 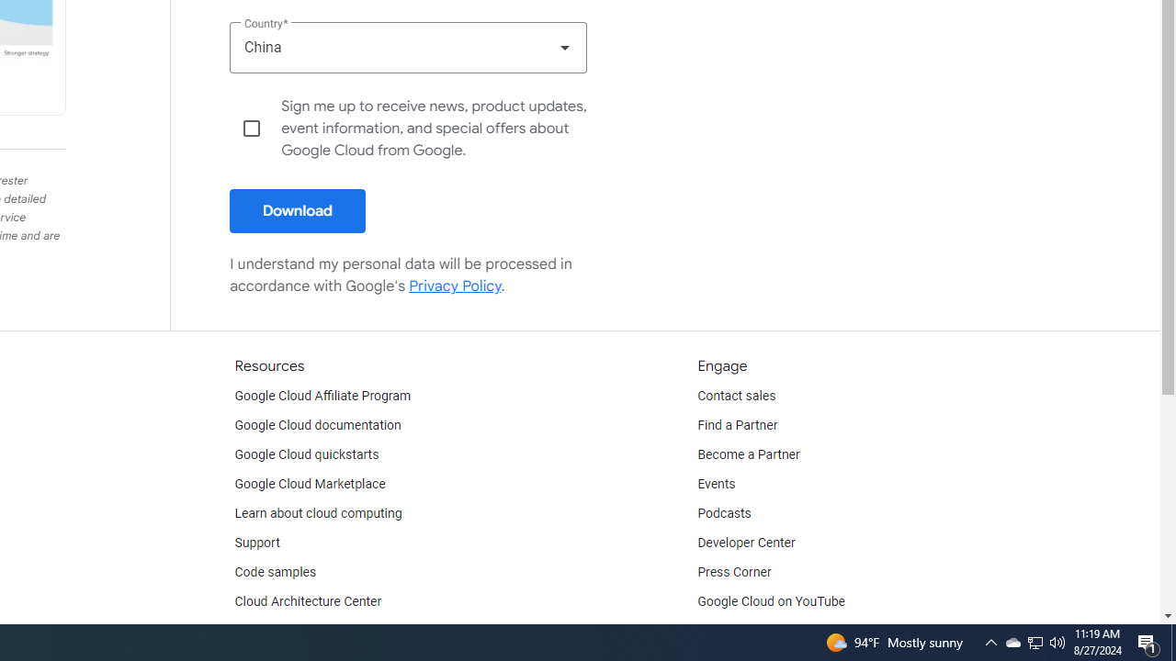 I want to click on 'Google Cloud quickstarts', so click(x=307, y=454).